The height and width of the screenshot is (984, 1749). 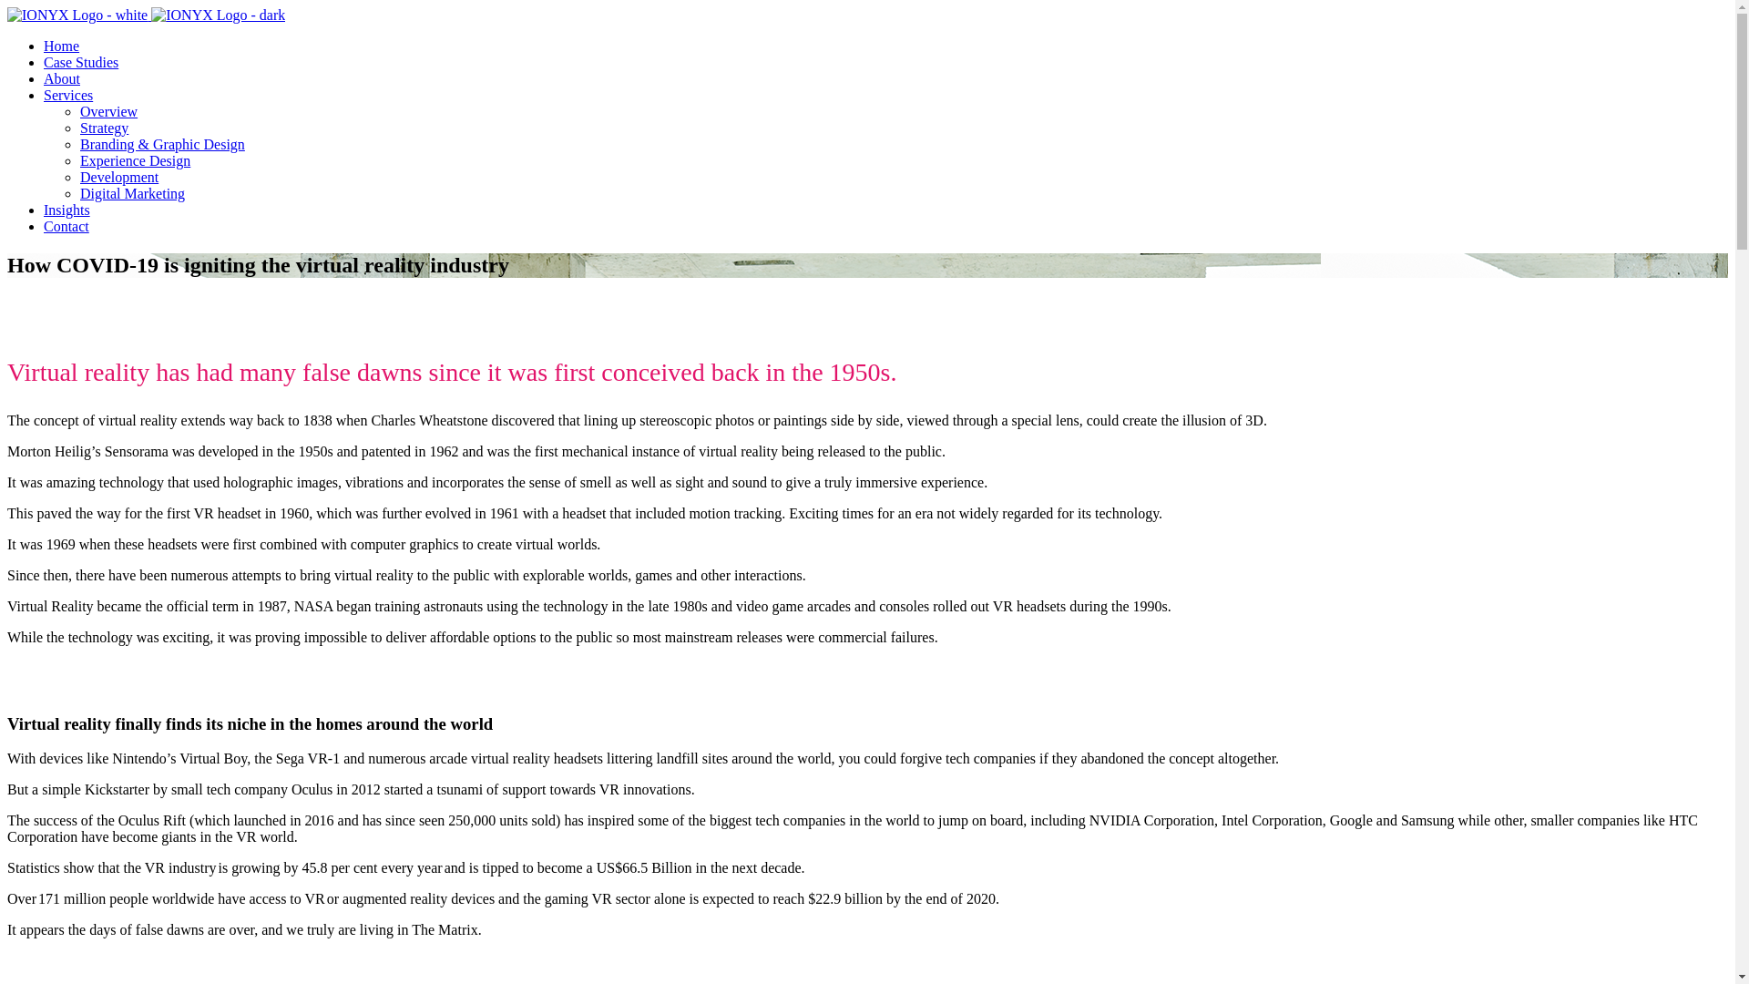 I want to click on 'About', so click(x=61, y=77).